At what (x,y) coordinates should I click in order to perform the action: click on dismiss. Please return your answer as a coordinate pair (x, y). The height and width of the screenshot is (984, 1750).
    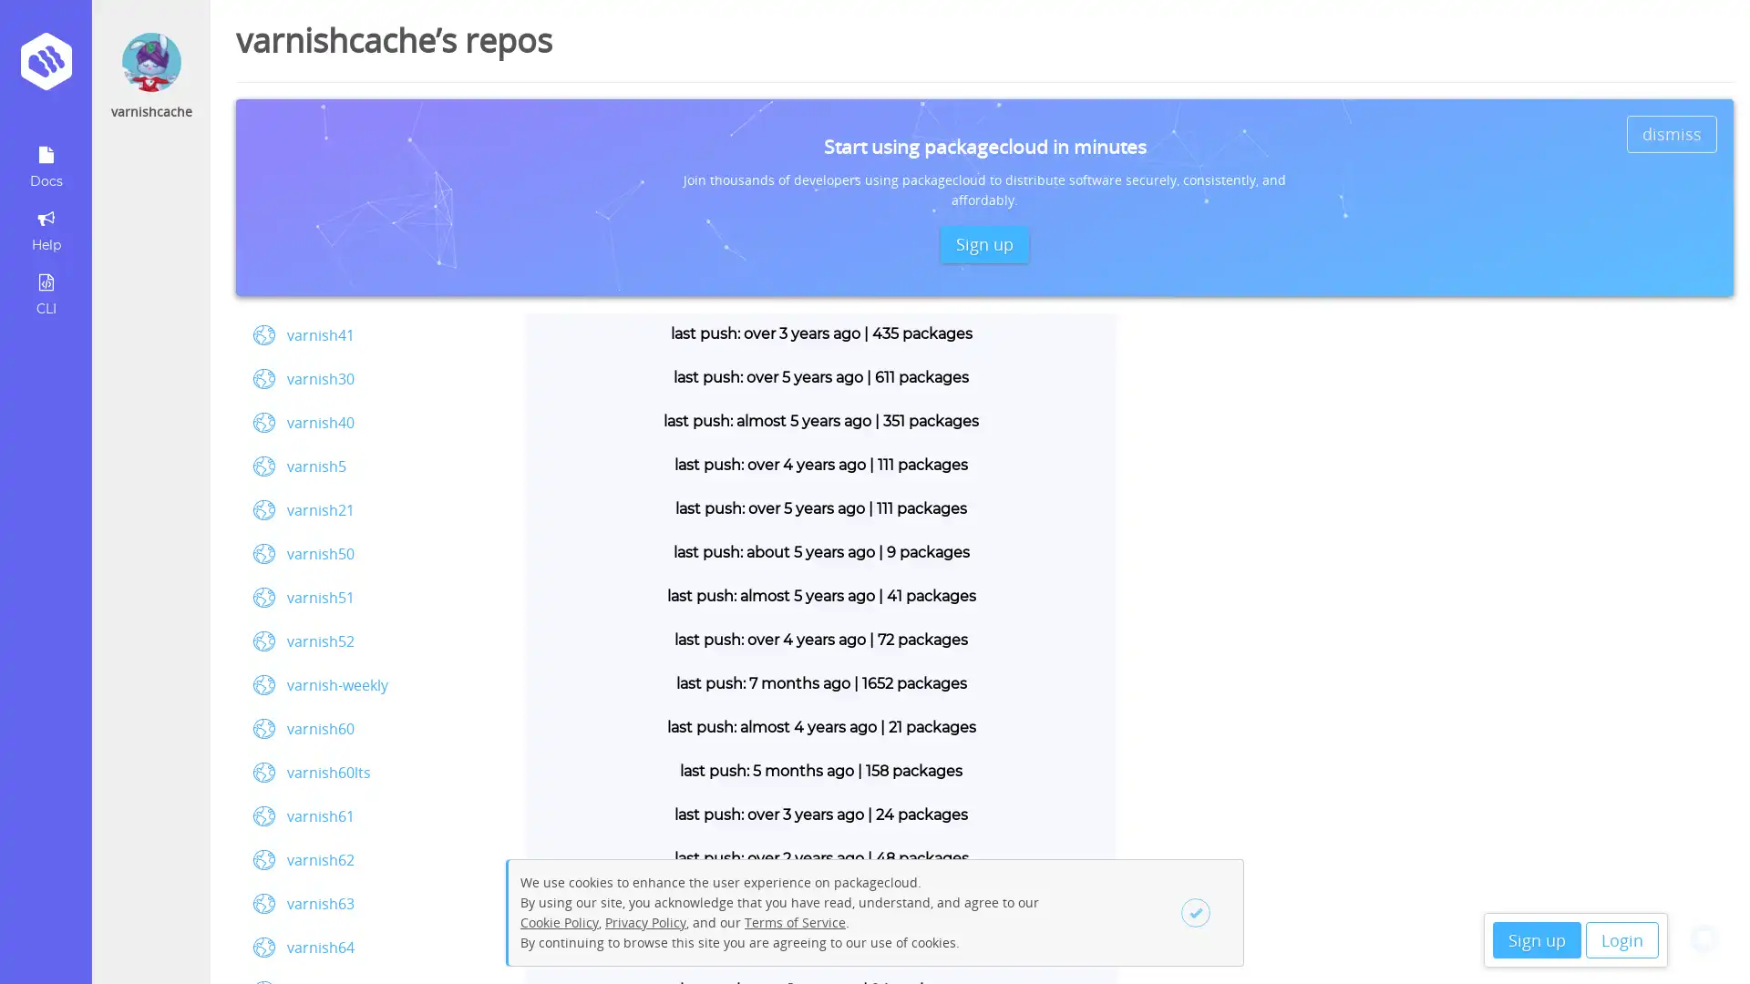
    Looking at the image, I should click on (1672, 132).